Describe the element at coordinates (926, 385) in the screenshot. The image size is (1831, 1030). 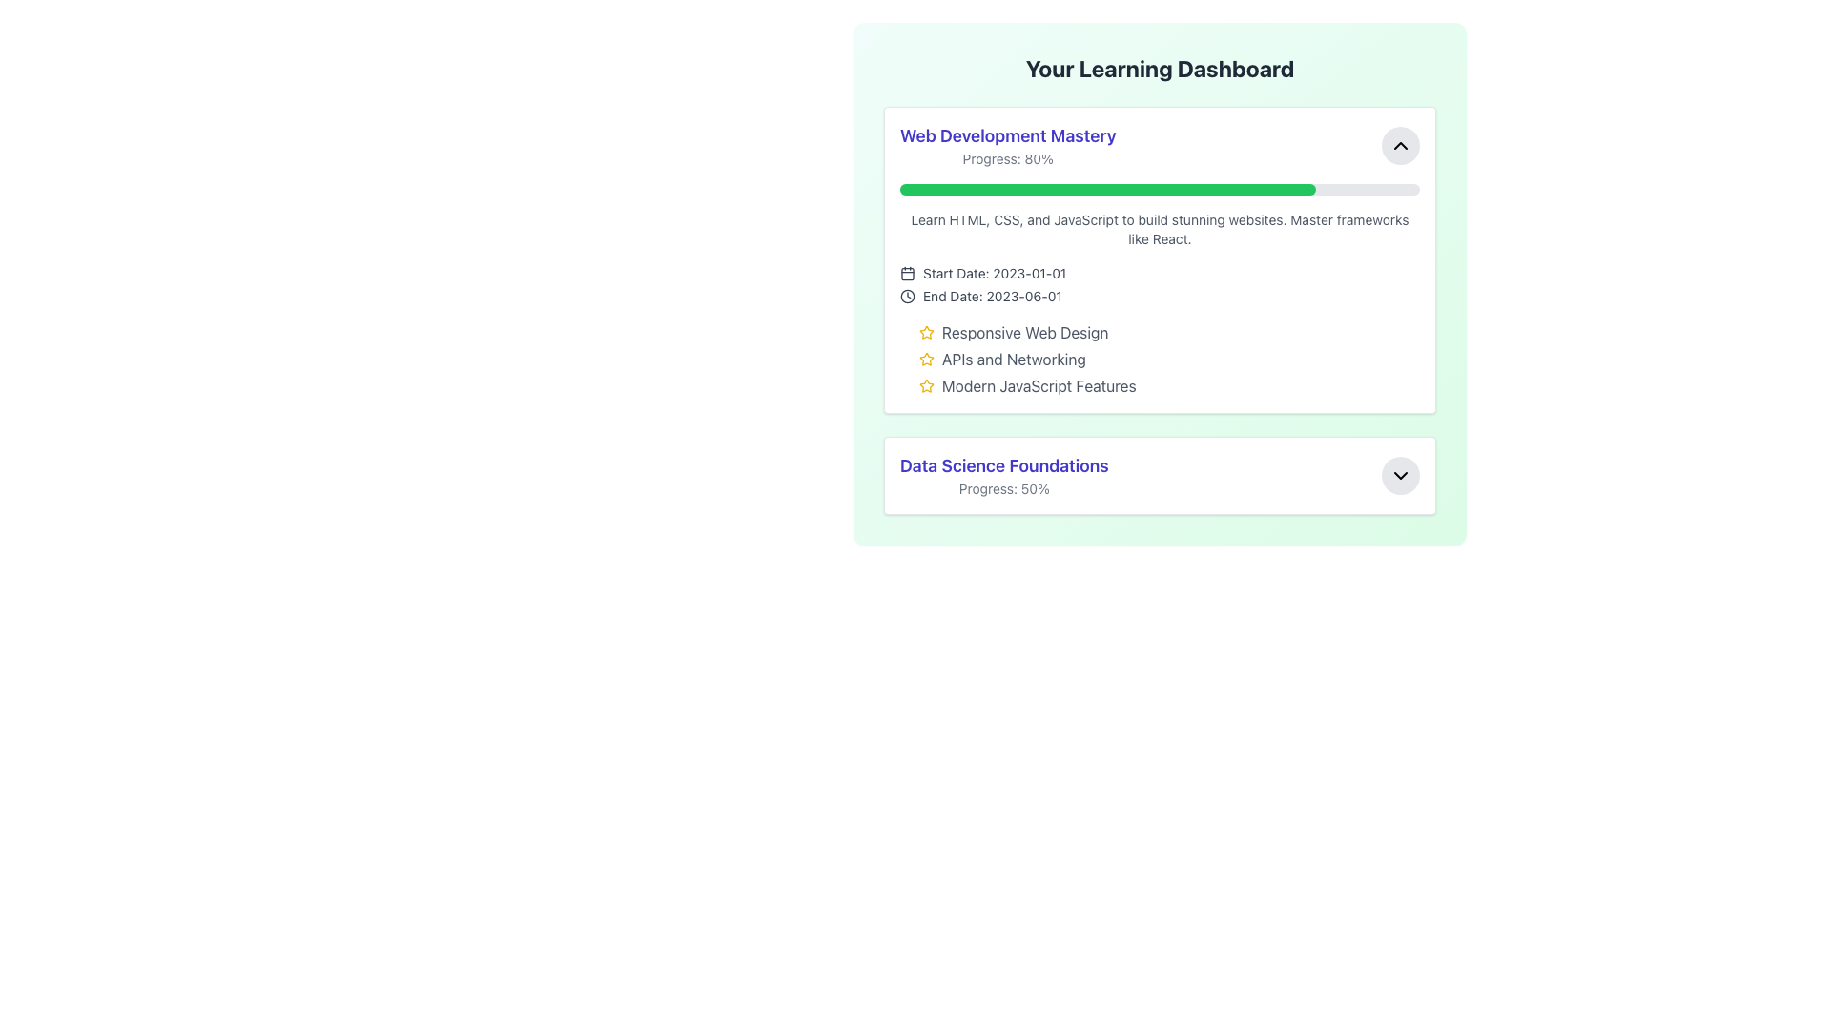
I see `the small yellow star icon with a four-point outline located next to the 'Modern JavaScript Features' text in the 'Web Development Mastery' card` at that location.